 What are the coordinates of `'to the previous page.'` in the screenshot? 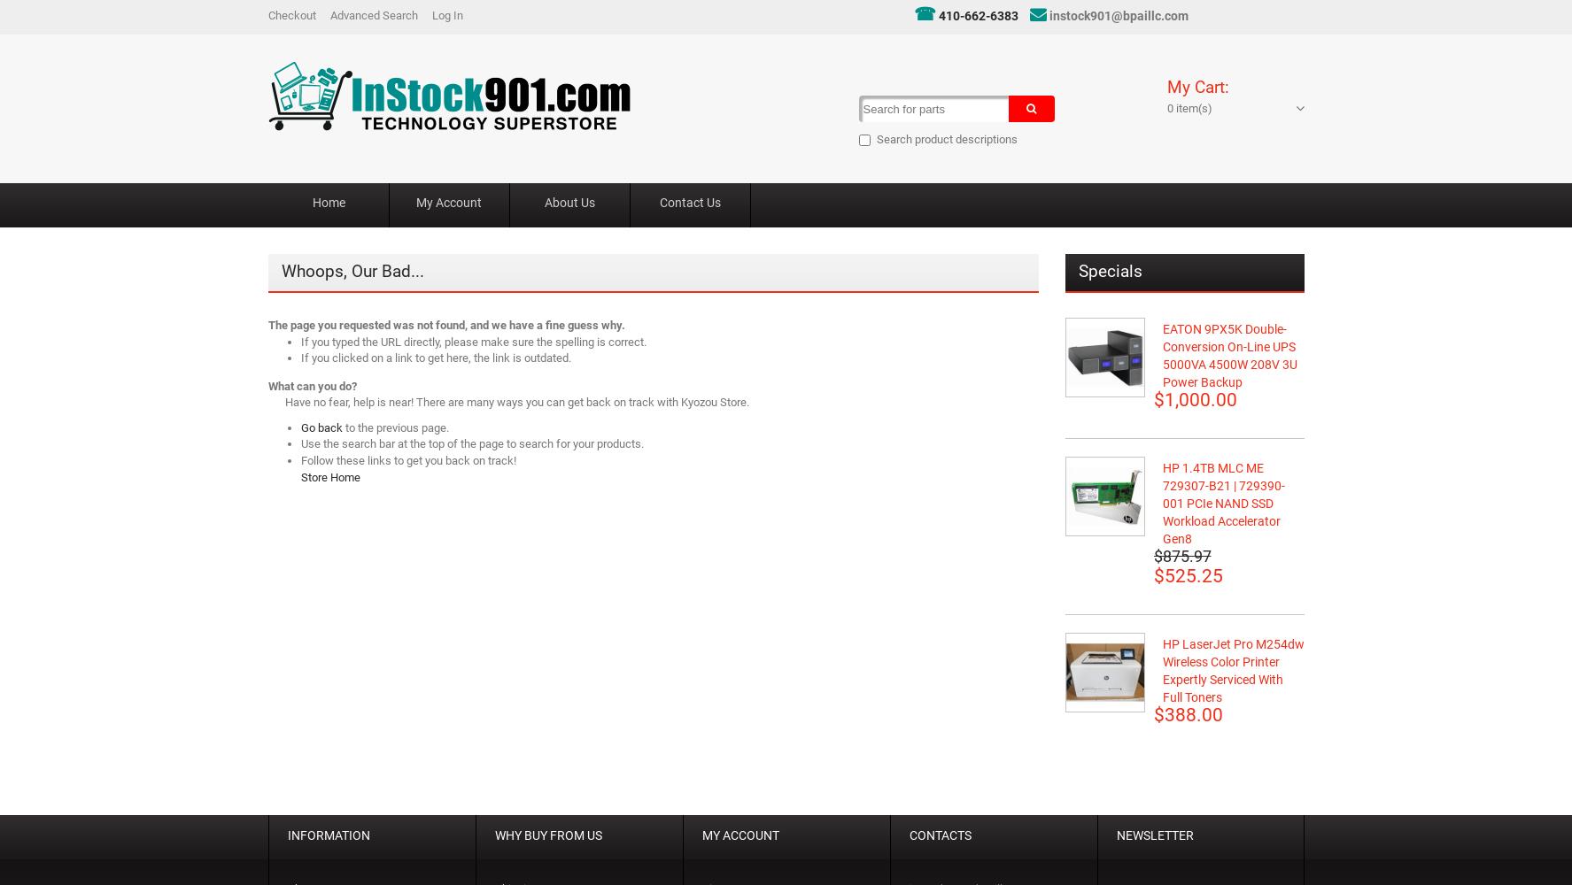 It's located at (395, 426).